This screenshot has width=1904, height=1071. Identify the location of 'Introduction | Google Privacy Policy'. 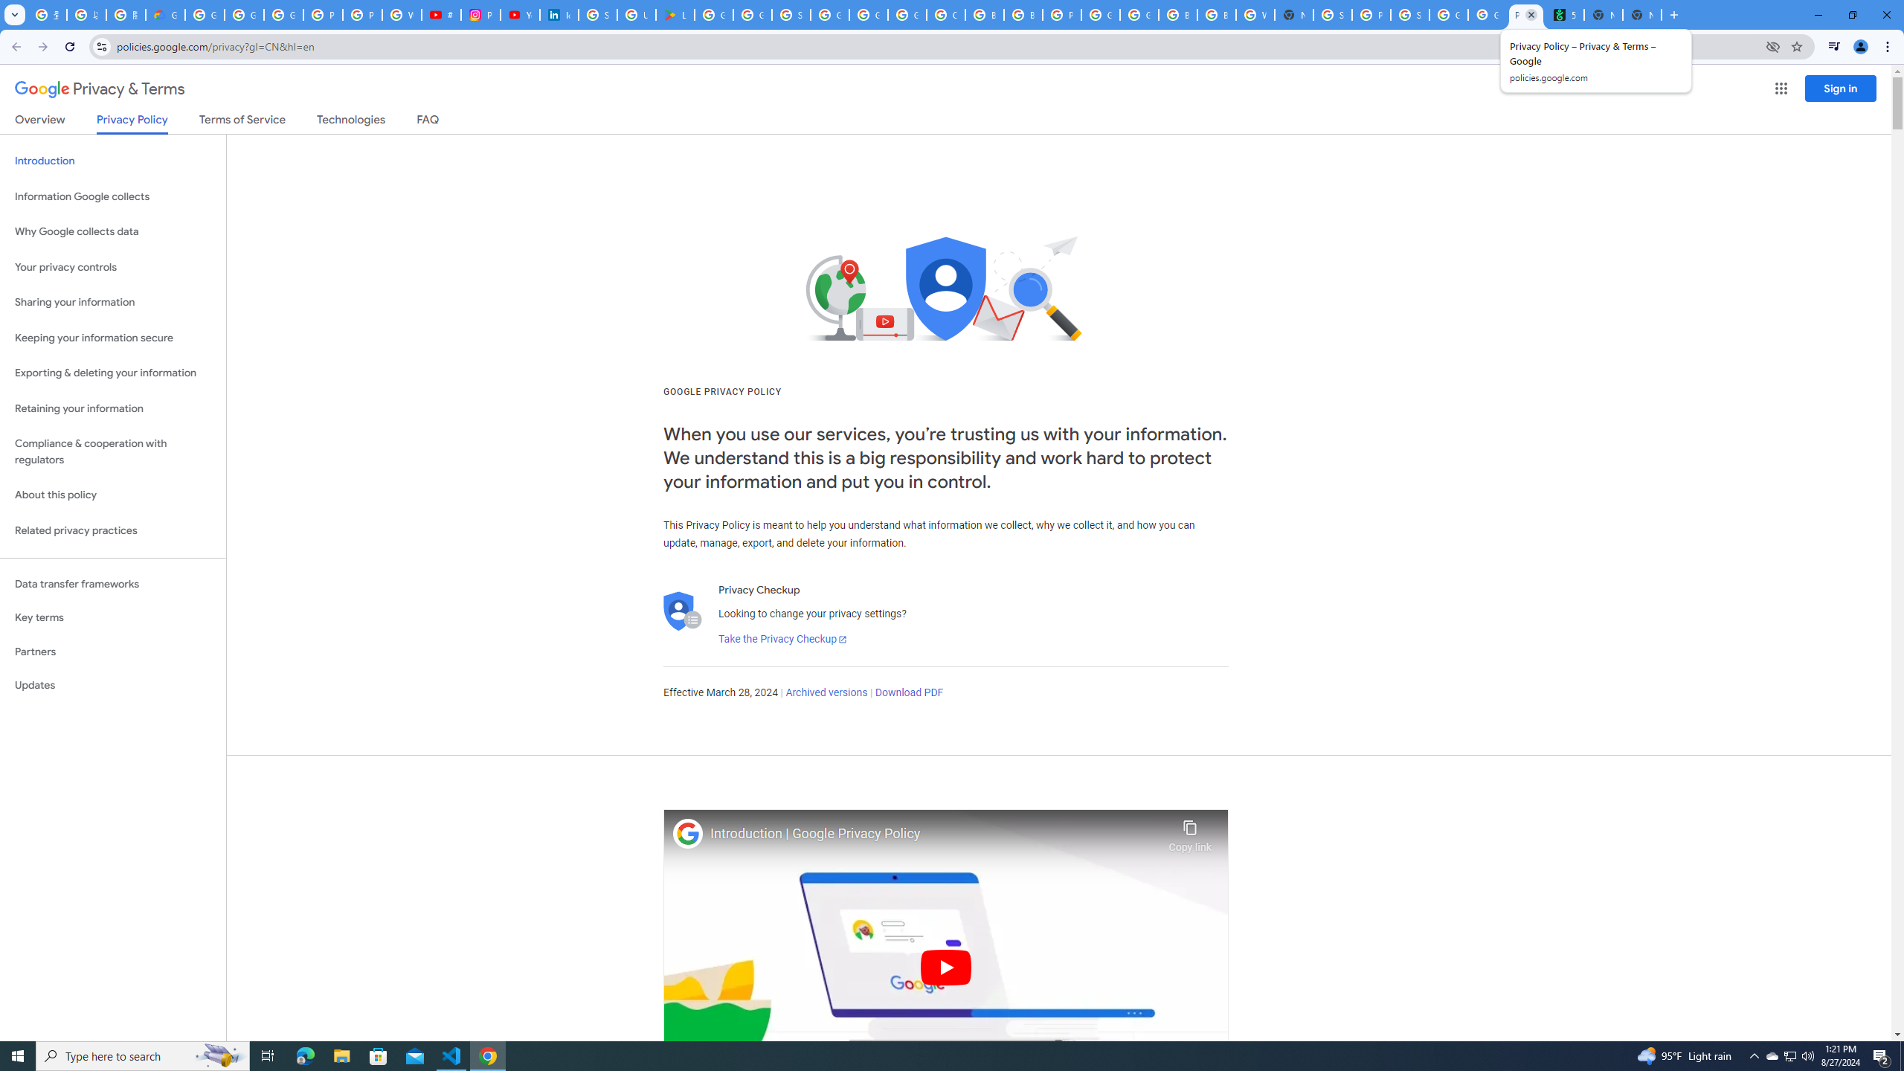
(935, 834).